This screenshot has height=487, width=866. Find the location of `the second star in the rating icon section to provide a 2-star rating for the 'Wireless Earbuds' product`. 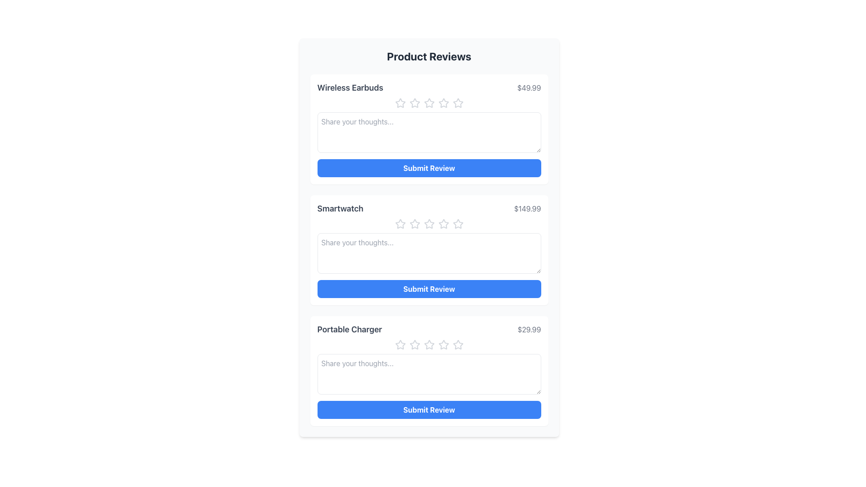

the second star in the rating icon section to provide a 2-star rating for the 'Wireless Earbuds' product is located at coordinates (414, 102).